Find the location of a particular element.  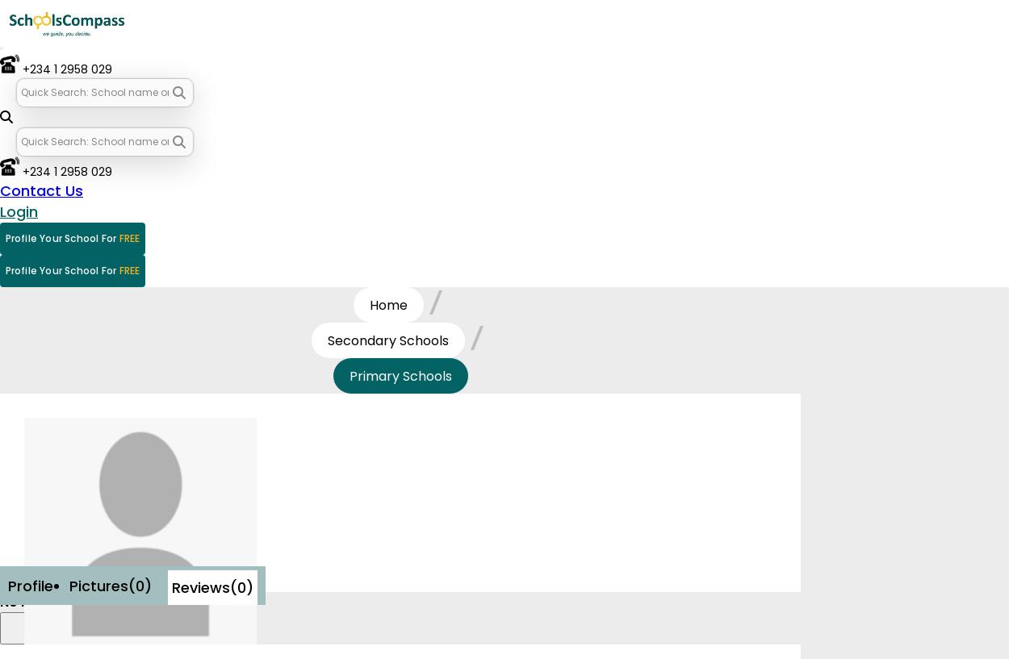

'Home' is located at coordinates (387, 303).